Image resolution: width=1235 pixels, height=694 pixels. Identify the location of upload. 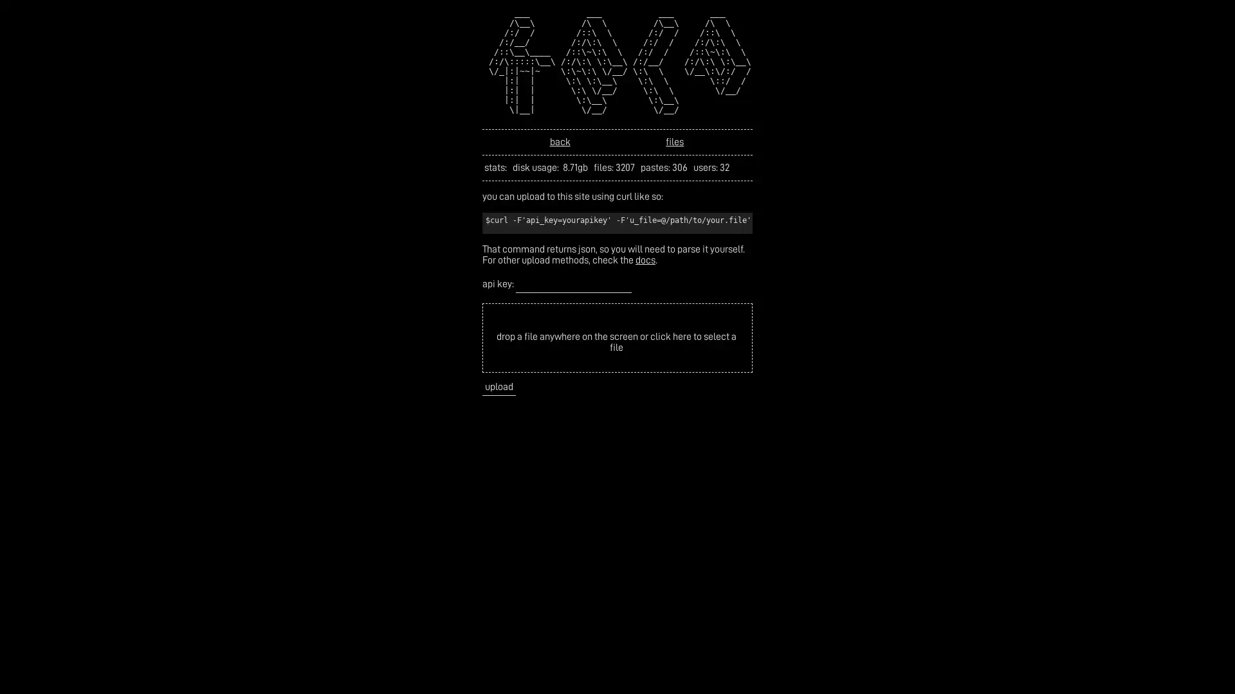
(499, 386).